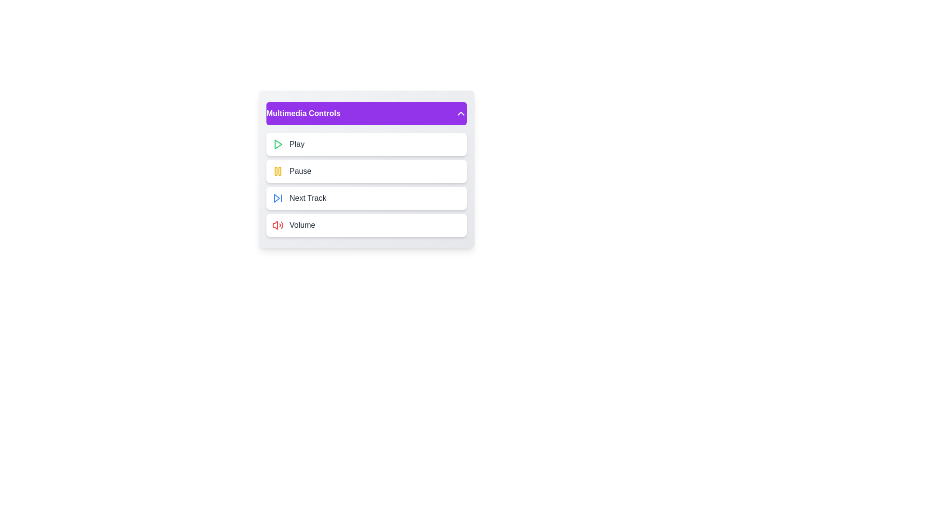 The image size is (925, 520). What do you see at coordinates (277, 198) in the screenshot?
I see `the icon representing the action of skipping to the next track in the media player, which is positioned on the leftmost side of the 'Next Track' button` at bounding box center [277, 198].